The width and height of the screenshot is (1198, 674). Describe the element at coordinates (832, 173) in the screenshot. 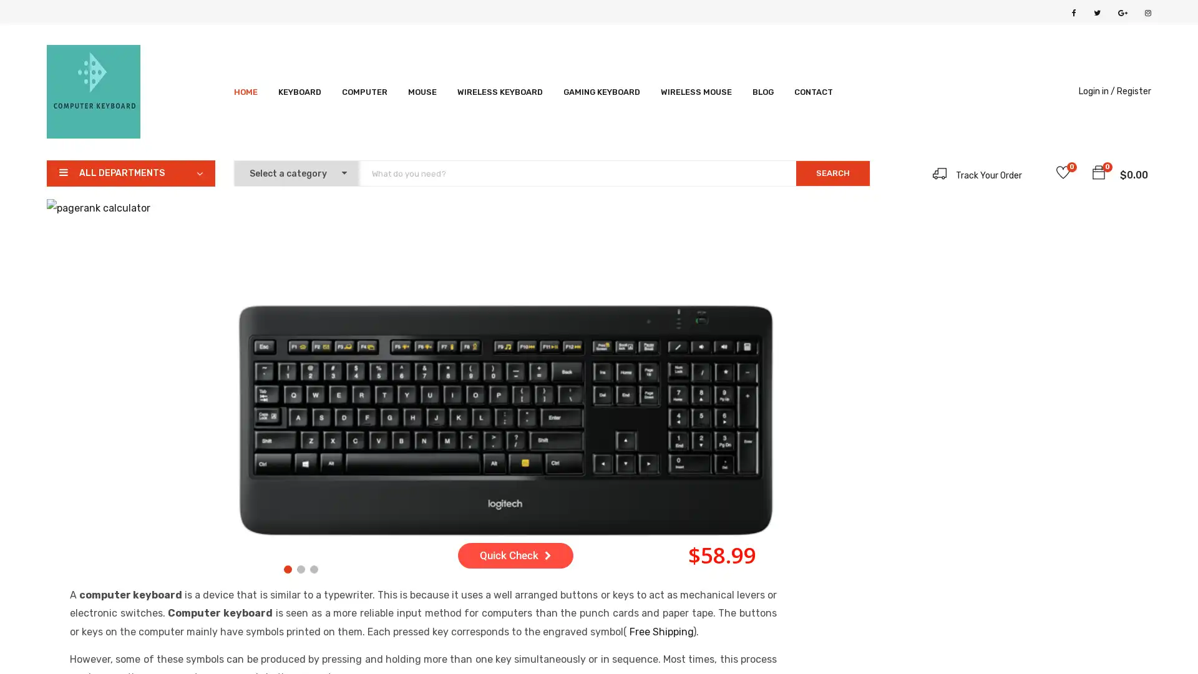

I see `SEARCH` at that location.